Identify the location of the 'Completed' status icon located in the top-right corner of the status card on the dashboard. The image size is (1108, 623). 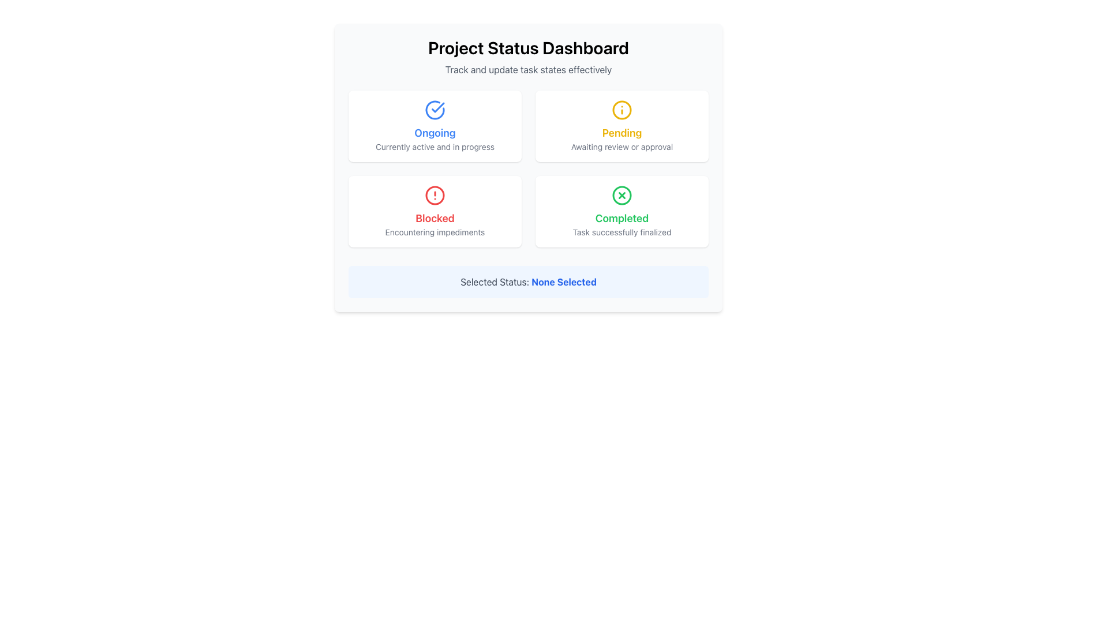
(622, 195).